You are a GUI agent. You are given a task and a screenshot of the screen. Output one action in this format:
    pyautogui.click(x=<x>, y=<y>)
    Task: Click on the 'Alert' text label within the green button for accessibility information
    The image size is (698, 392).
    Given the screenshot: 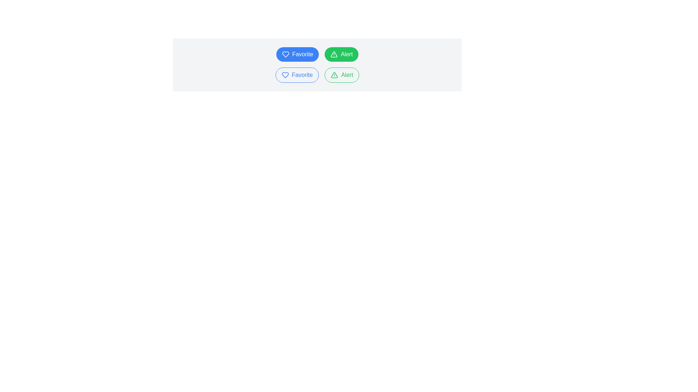 What is the action you would take?
    pyautogui.click(x=346, y=54)
    